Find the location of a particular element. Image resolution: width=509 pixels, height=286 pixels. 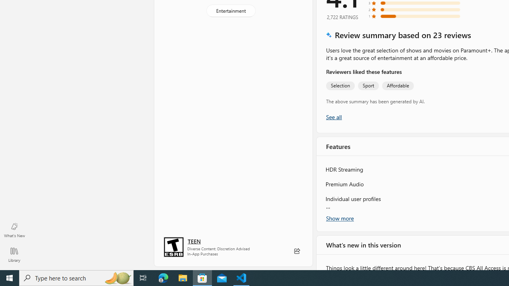

'What' is located at coordinates (14, 230).